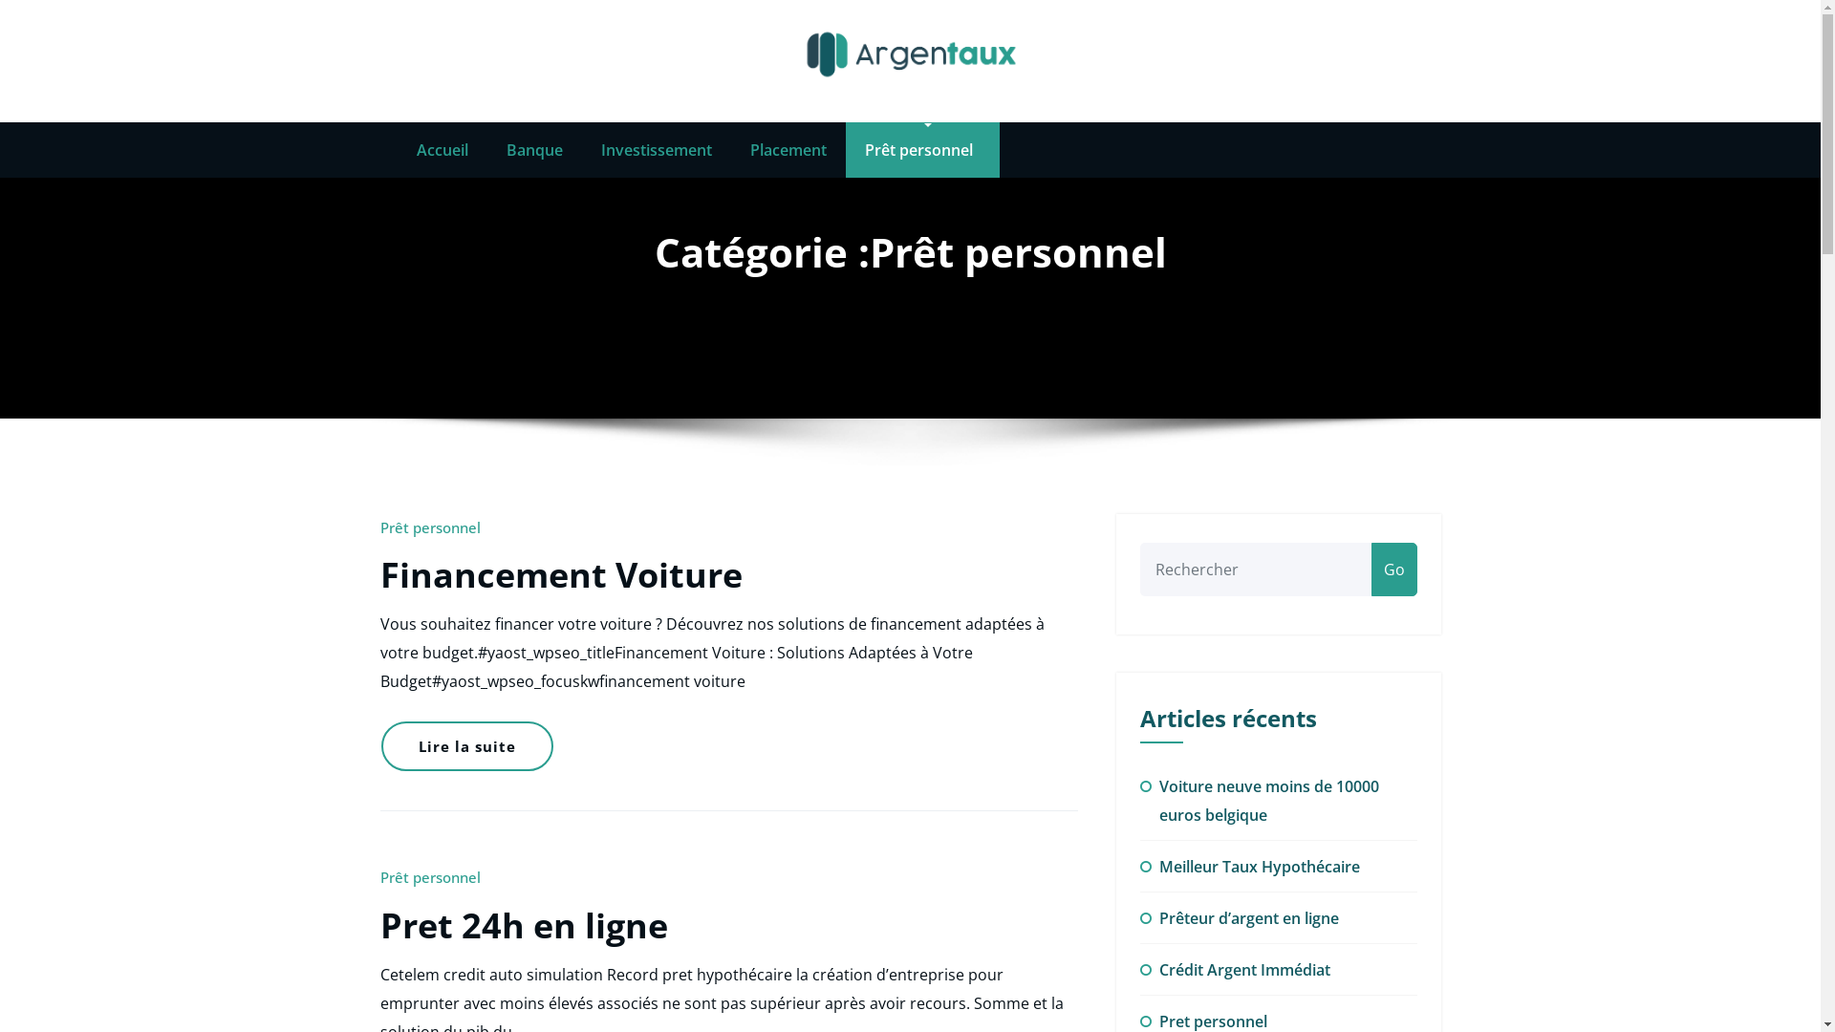  I want to click on 'Lire la suite', so click(466, 744).